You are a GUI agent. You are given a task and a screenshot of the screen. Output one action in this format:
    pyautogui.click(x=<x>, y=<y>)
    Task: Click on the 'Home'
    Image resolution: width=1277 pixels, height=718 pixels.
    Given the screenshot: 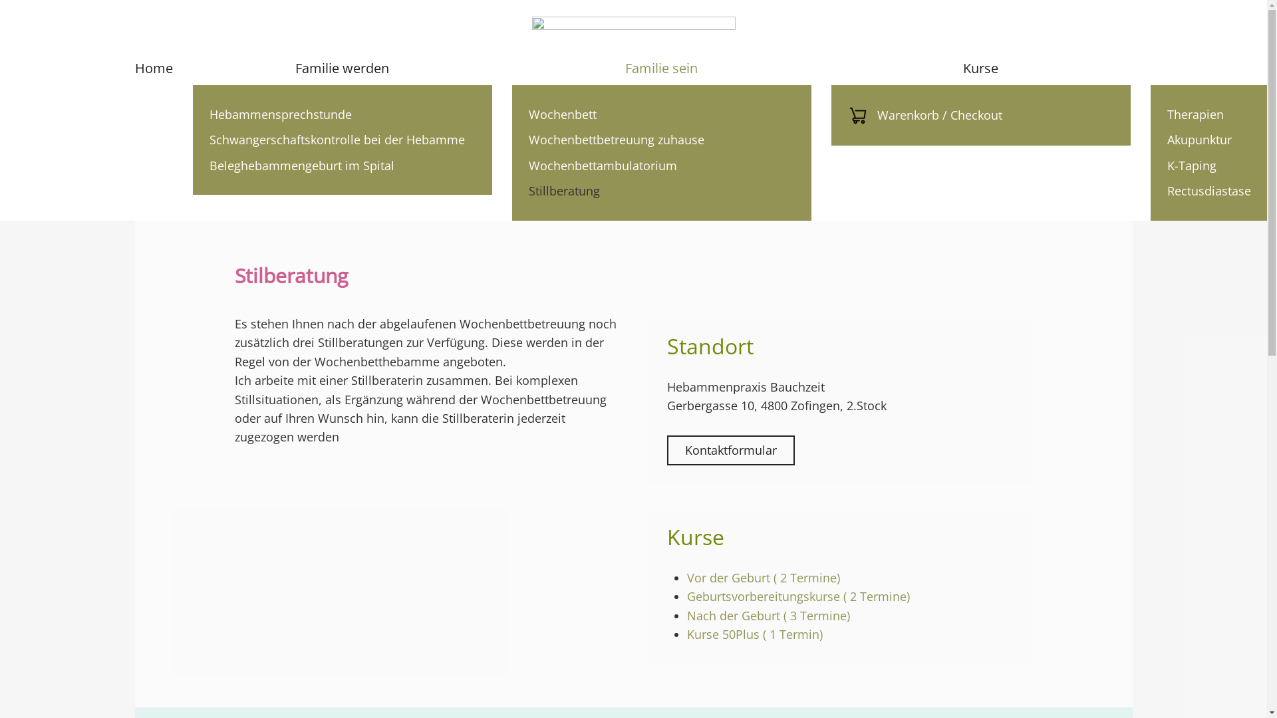 What is the action you would take?
    pyautogui.click(x=134, y=68)
    